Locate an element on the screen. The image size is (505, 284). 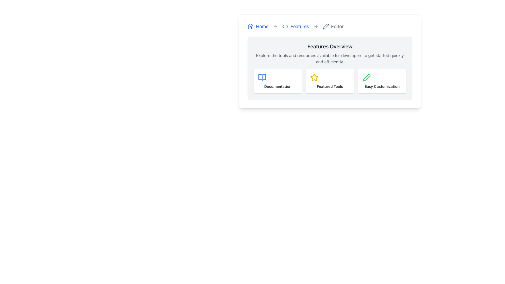
the 'Editor' breadcrumb element, which is the third clickable item in the breadcrumb navigation bar is located at coordinates (333, 26).